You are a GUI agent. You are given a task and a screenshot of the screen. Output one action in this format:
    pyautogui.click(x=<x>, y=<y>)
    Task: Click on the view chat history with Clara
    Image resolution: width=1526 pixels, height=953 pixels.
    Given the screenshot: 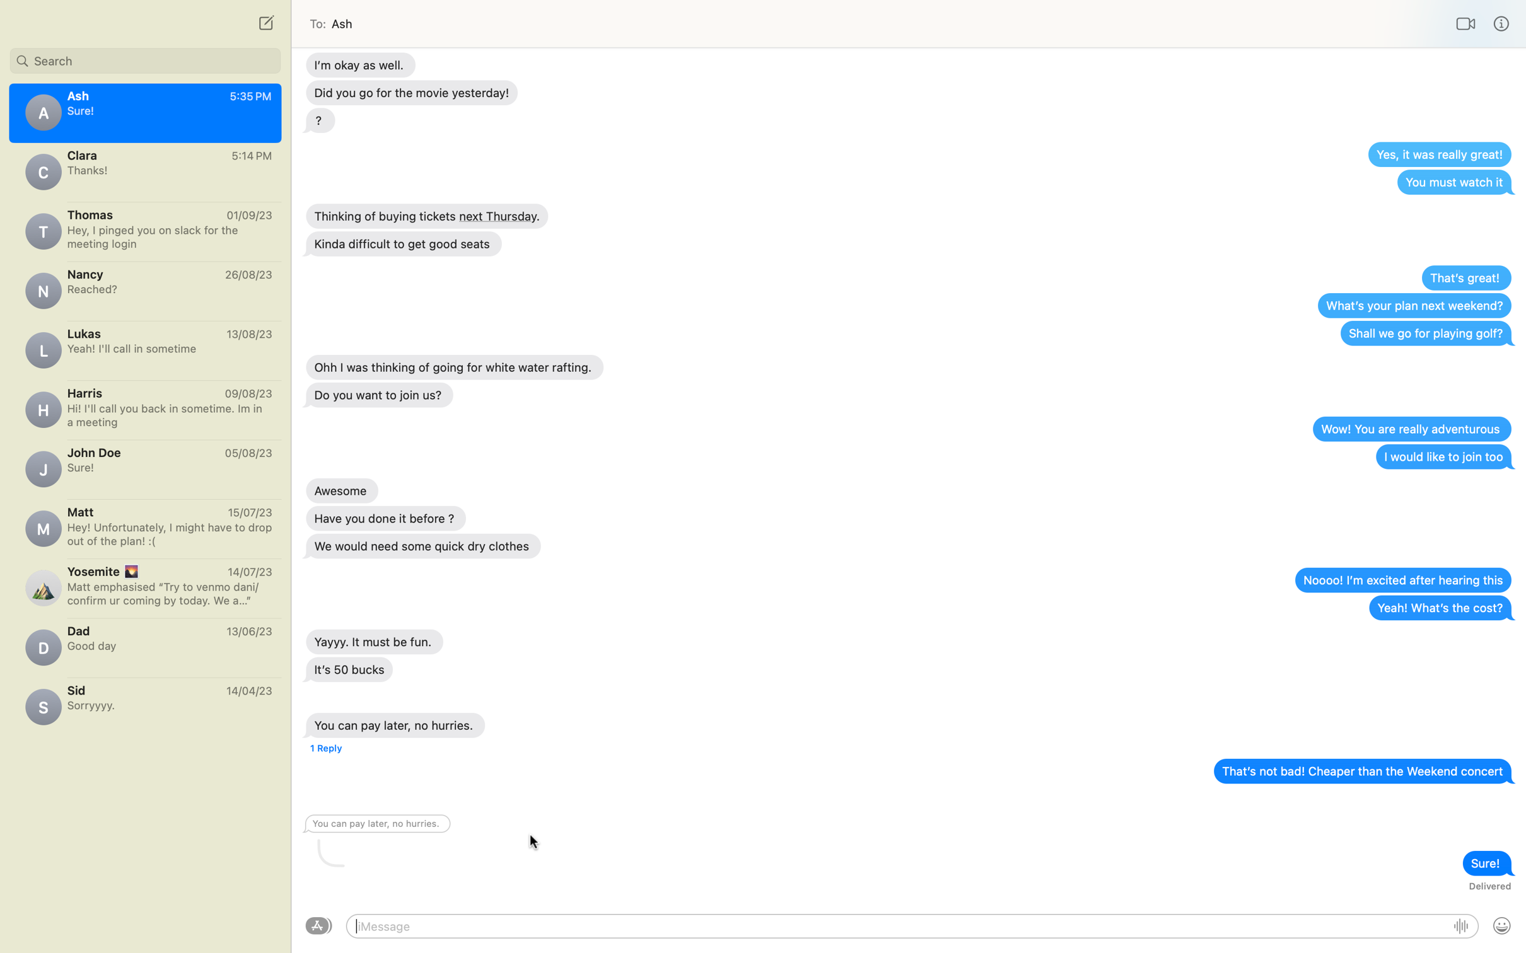 What is the action you would take?
    pyautogui.click(x=144, y=171)
    